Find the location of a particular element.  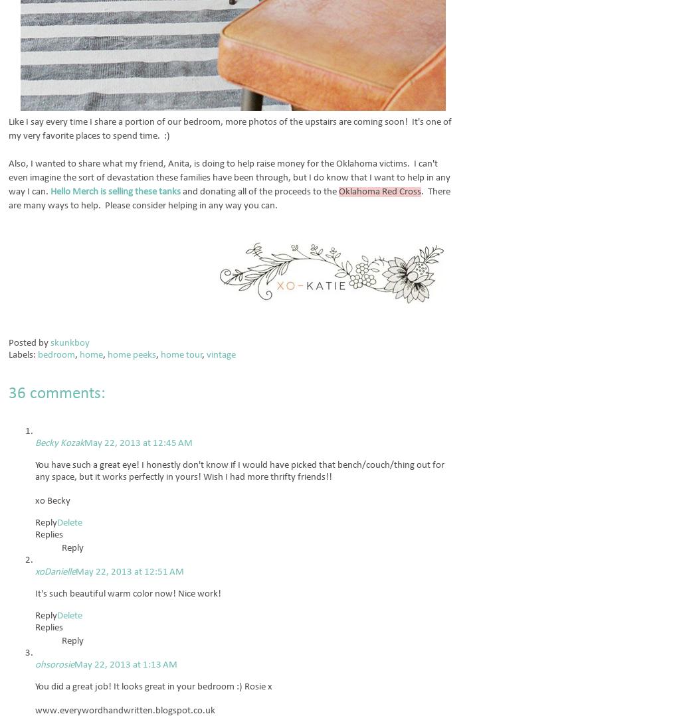

'and donating all of the proceeds to the' is located at coordinates (260, 192).